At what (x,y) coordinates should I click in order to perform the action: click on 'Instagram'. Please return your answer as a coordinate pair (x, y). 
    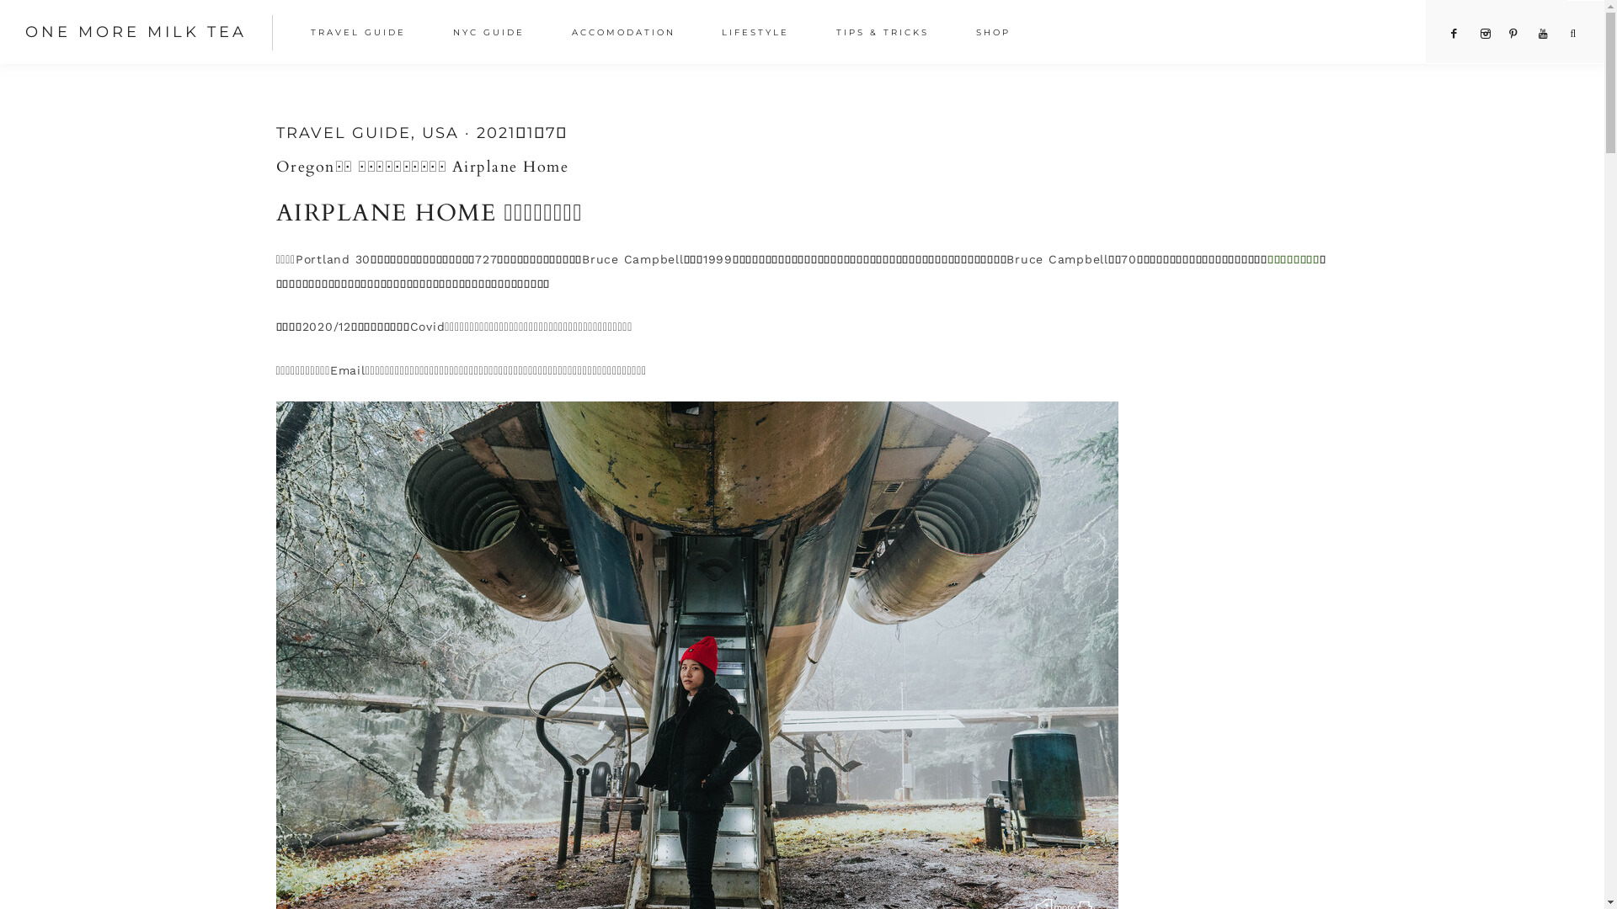
    Looking at the image, I should click on (1485, 34).